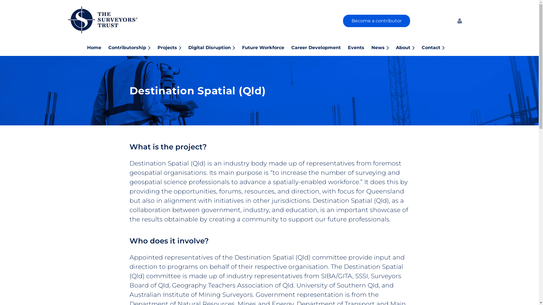 The height and width of the screenshot is (305, 543). Describe the element at coordinates (359, 47) in the screenshot. I see `'Events'` at that location.